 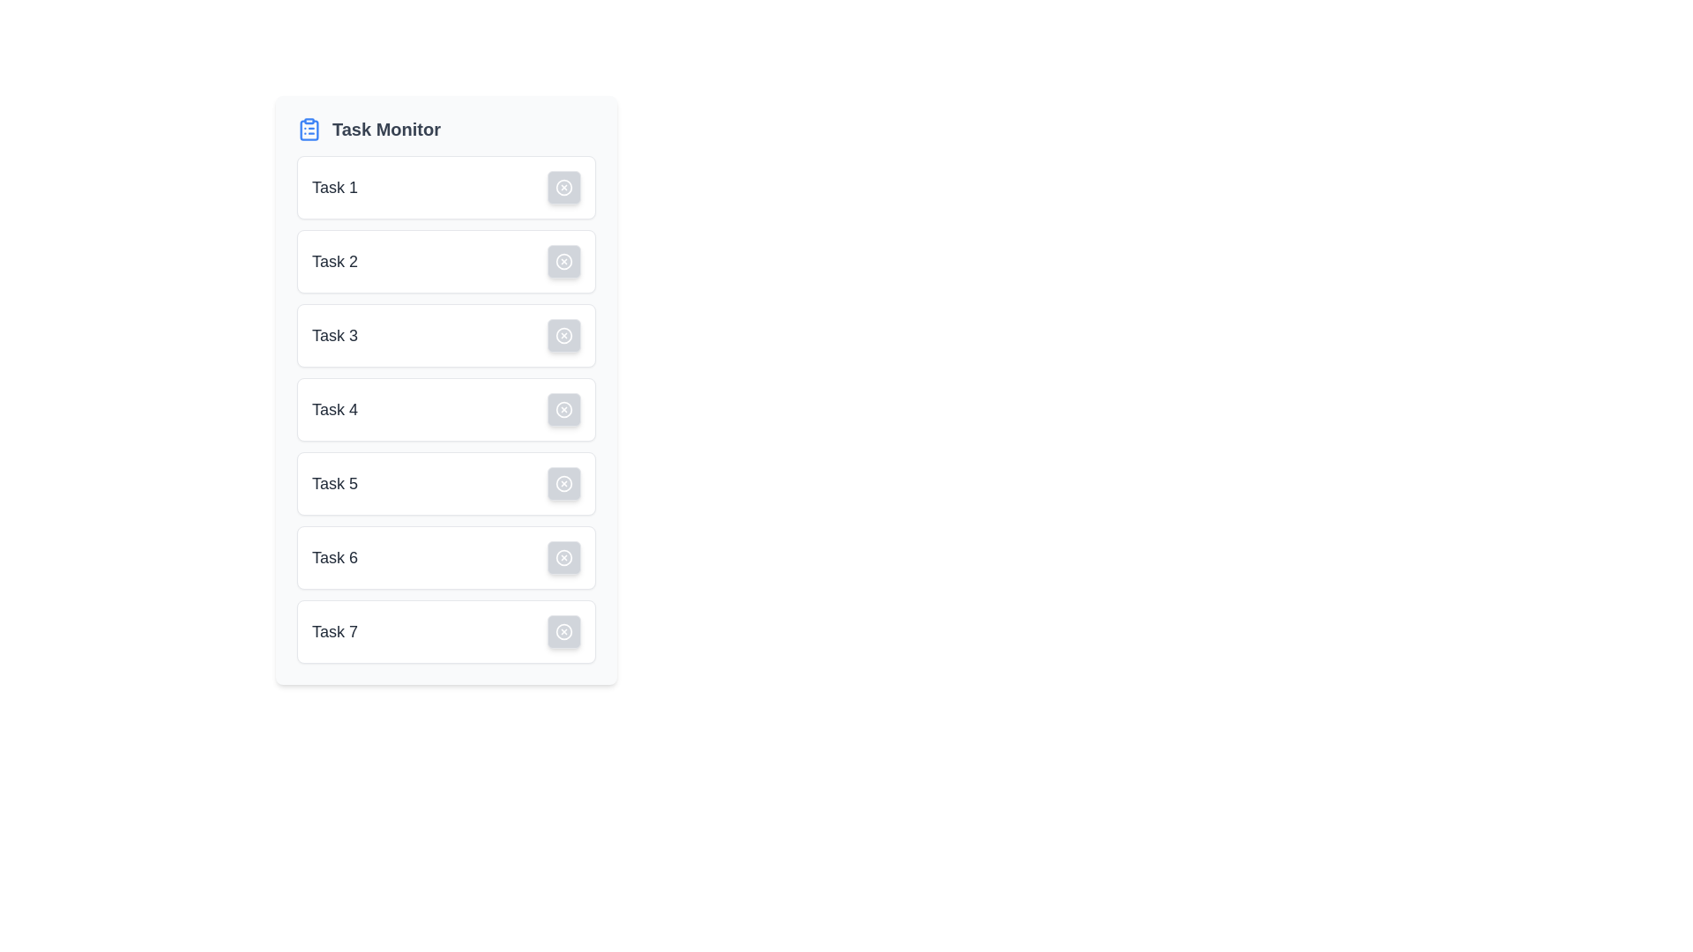 What do you see at coordinates (563, 187) in the screenshot?
I see `the close or delete button associated with 'Task 1'` at bounding box center [563, 187].